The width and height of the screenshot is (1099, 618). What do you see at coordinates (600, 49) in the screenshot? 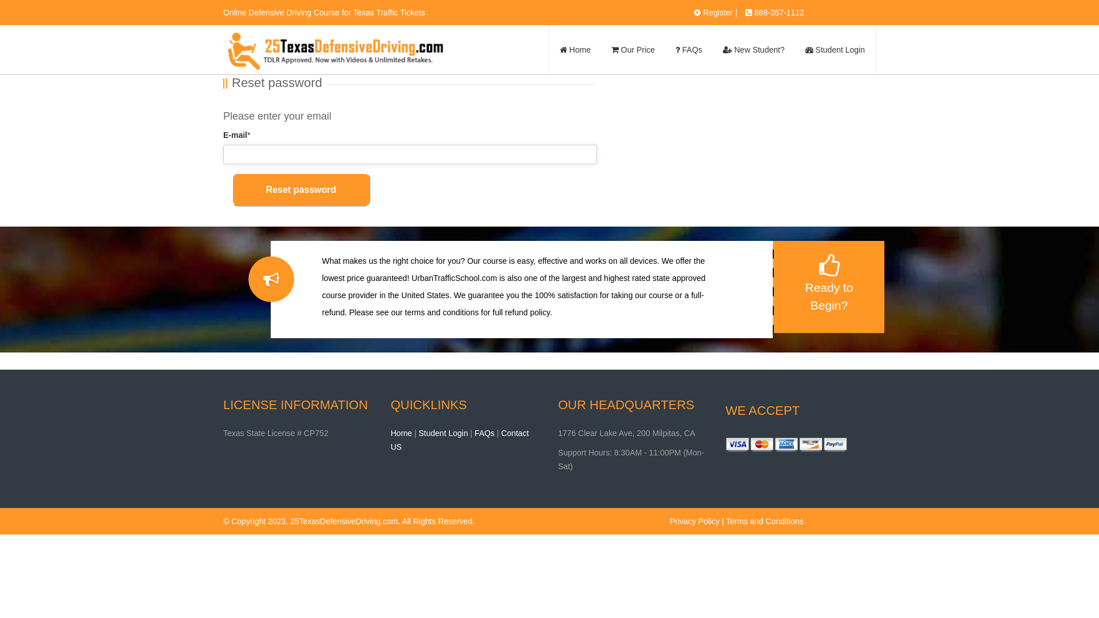
I see `'Our Price'` at bounding box center [600, 49].